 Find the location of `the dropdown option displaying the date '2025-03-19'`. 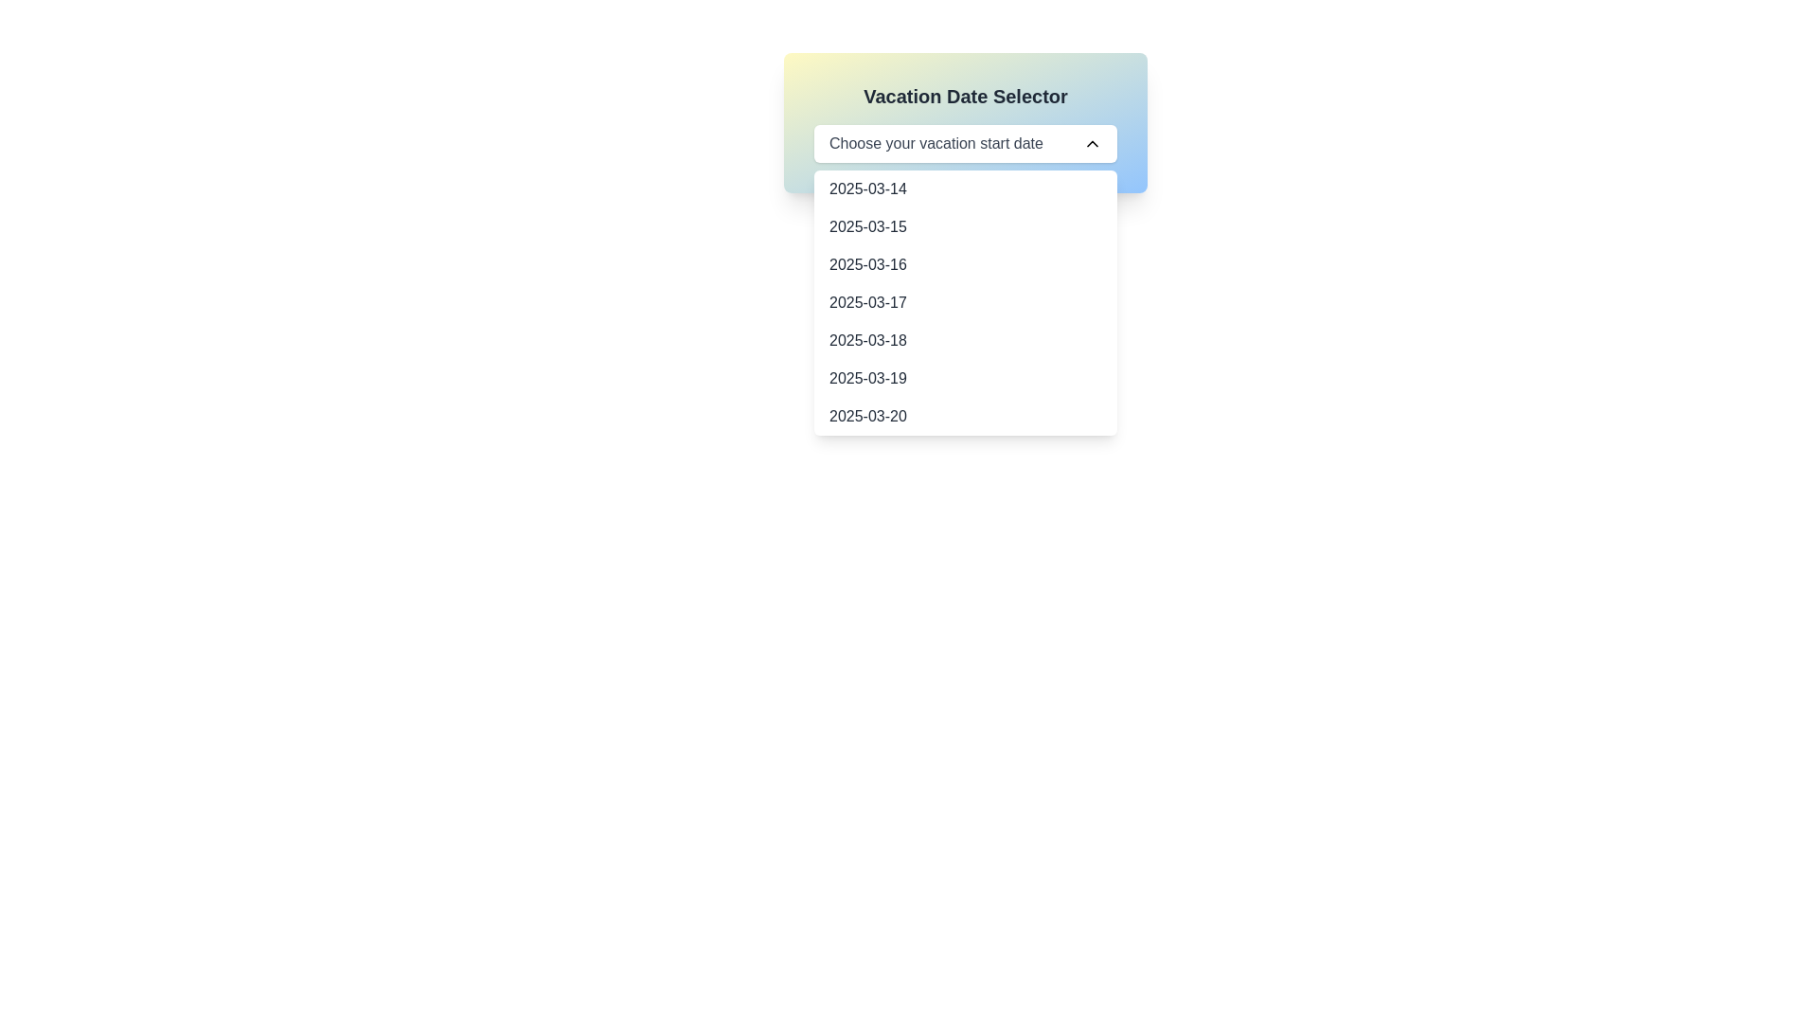

the dropdown option displaying the date '2025-03-19' is located at coordinates (965, 379).